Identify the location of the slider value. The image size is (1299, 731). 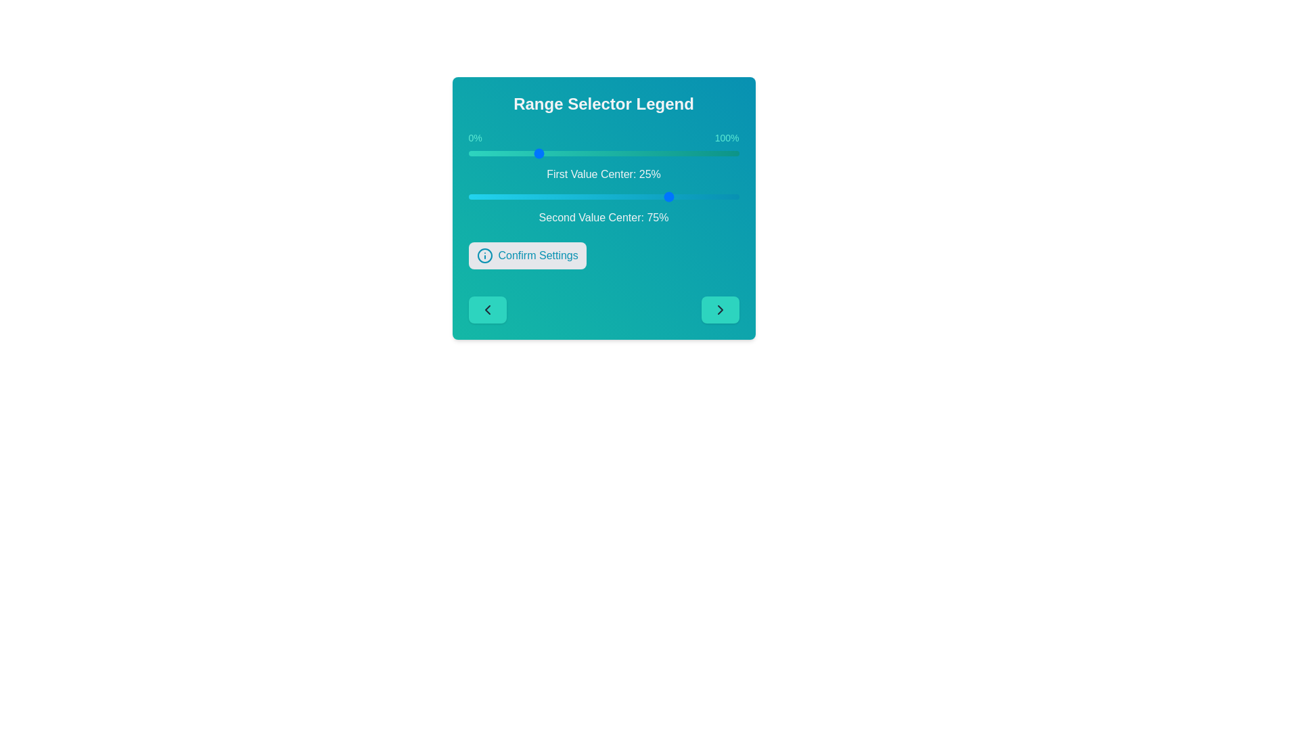
(698, 153).